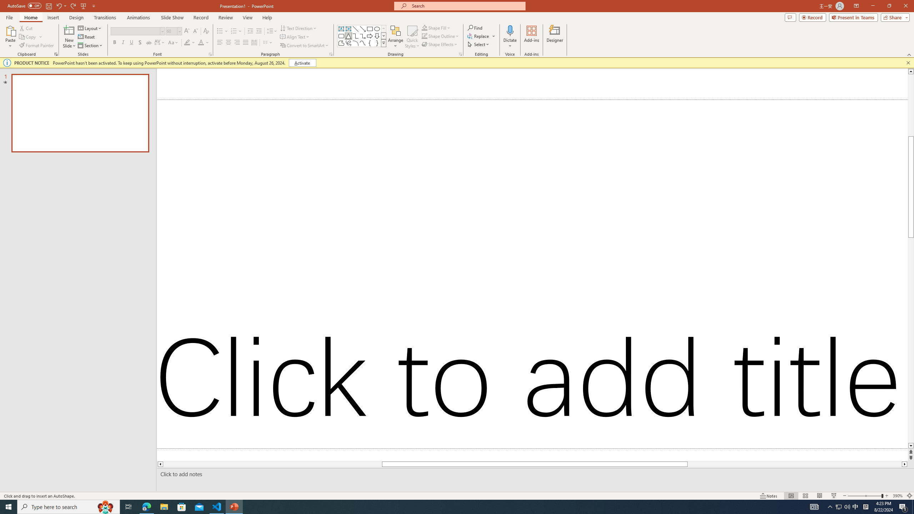 The height and width of the screenshot is (514, 914). Describe the element at coordinates (186, 31) in the screenshot. I see `'Increase Font Size'` at that location.